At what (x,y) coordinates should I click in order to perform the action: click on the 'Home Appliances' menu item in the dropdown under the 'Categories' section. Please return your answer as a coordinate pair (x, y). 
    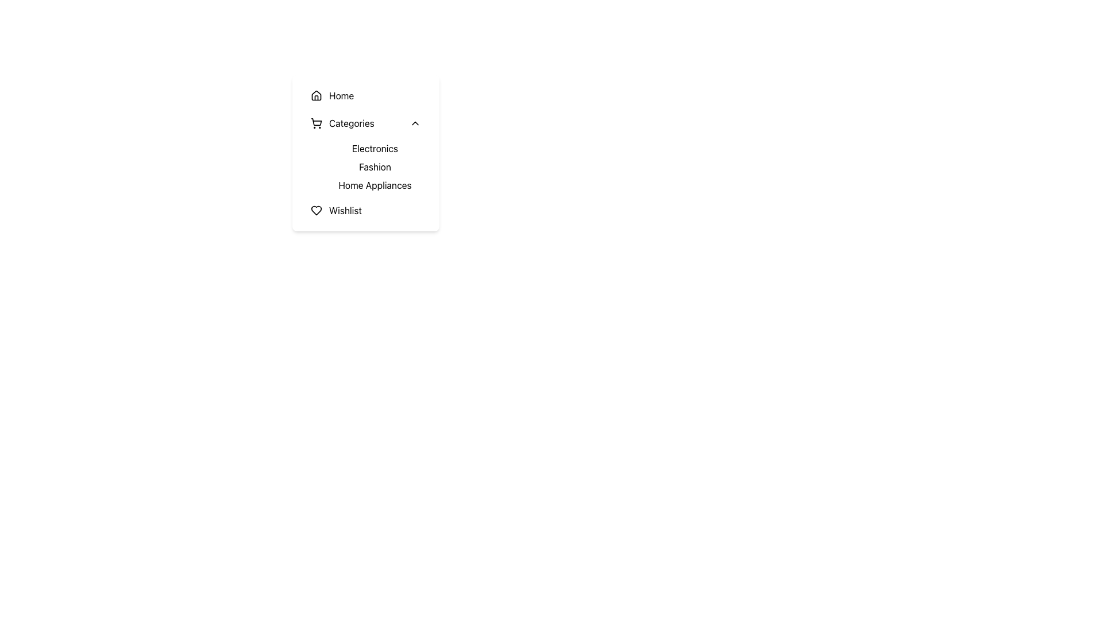
    Looking at the image, I should click on (375, 185).